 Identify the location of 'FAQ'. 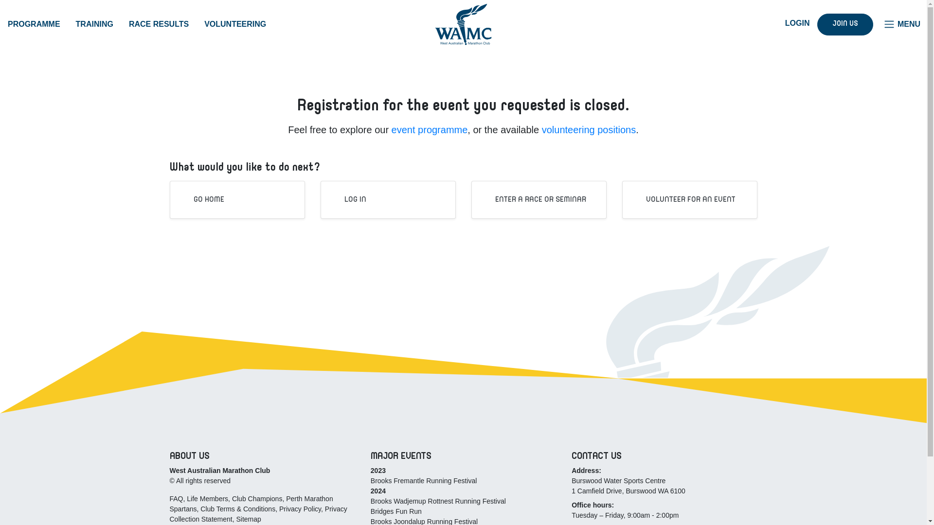
(176, 499).